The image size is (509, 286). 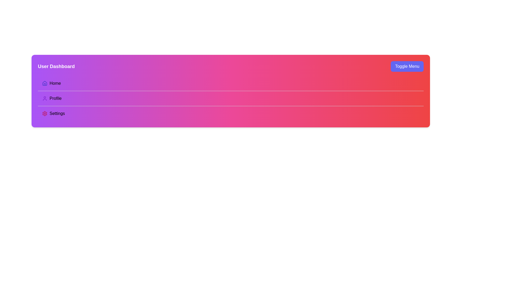 What do you see at coordinates (45, 83) in the screenshot?
I see `the 'Home' icon in the navigation menu, which is located at the top left of the interface and redirects to the main dashboard` at bounding box center [45, 83].